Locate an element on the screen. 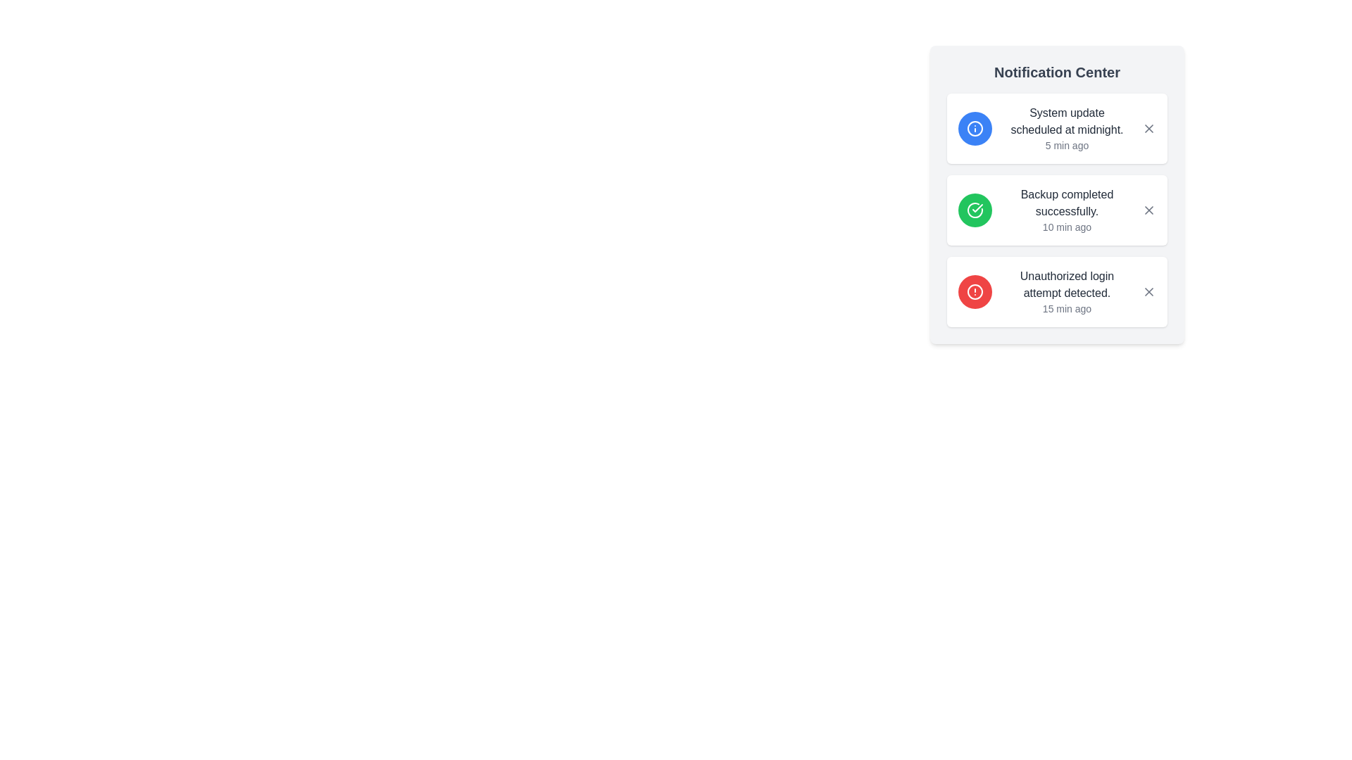 The width and height of the screenshot is (1352, 760). the blue circular icon with a white outline containing a white info symbol ('i') at the top of the notification card for 'System update scheduled at midnight' is located at coordinates (975, 128).